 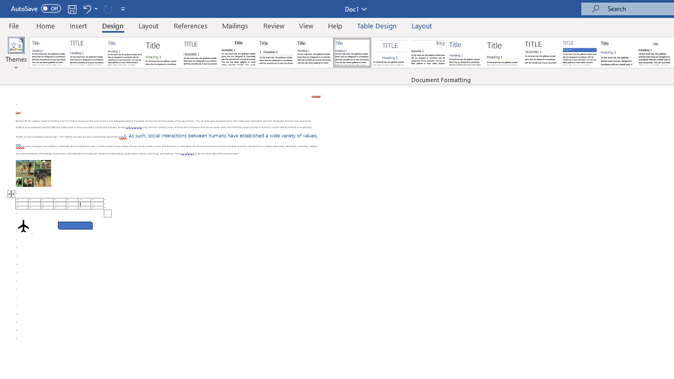 I want to click on 'Basic (Stylish)', so click(x=162, y=53).